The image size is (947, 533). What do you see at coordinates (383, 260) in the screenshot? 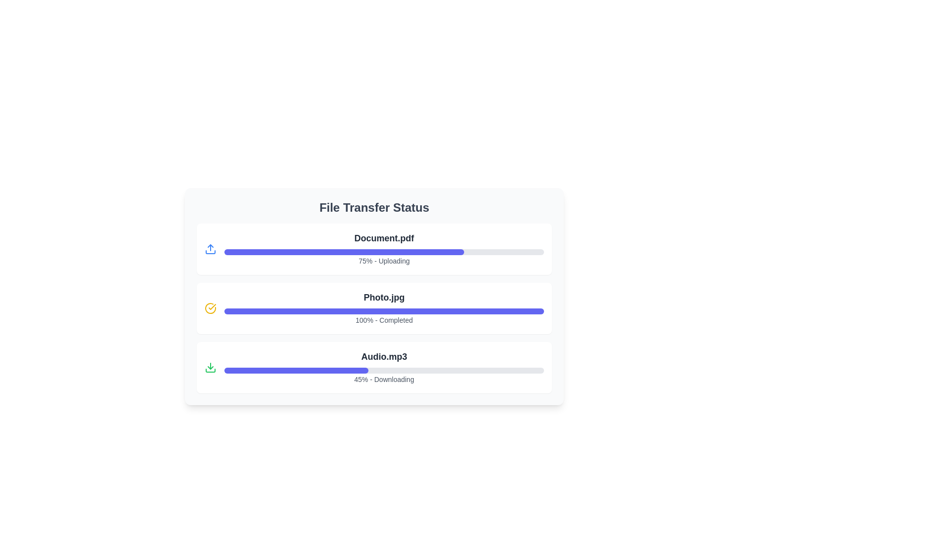
I see `the status indicator text that shows 'Uploading' for the file 'Document.pdf', located beneath the file name and progress bar` at bounding box center [383, 260].